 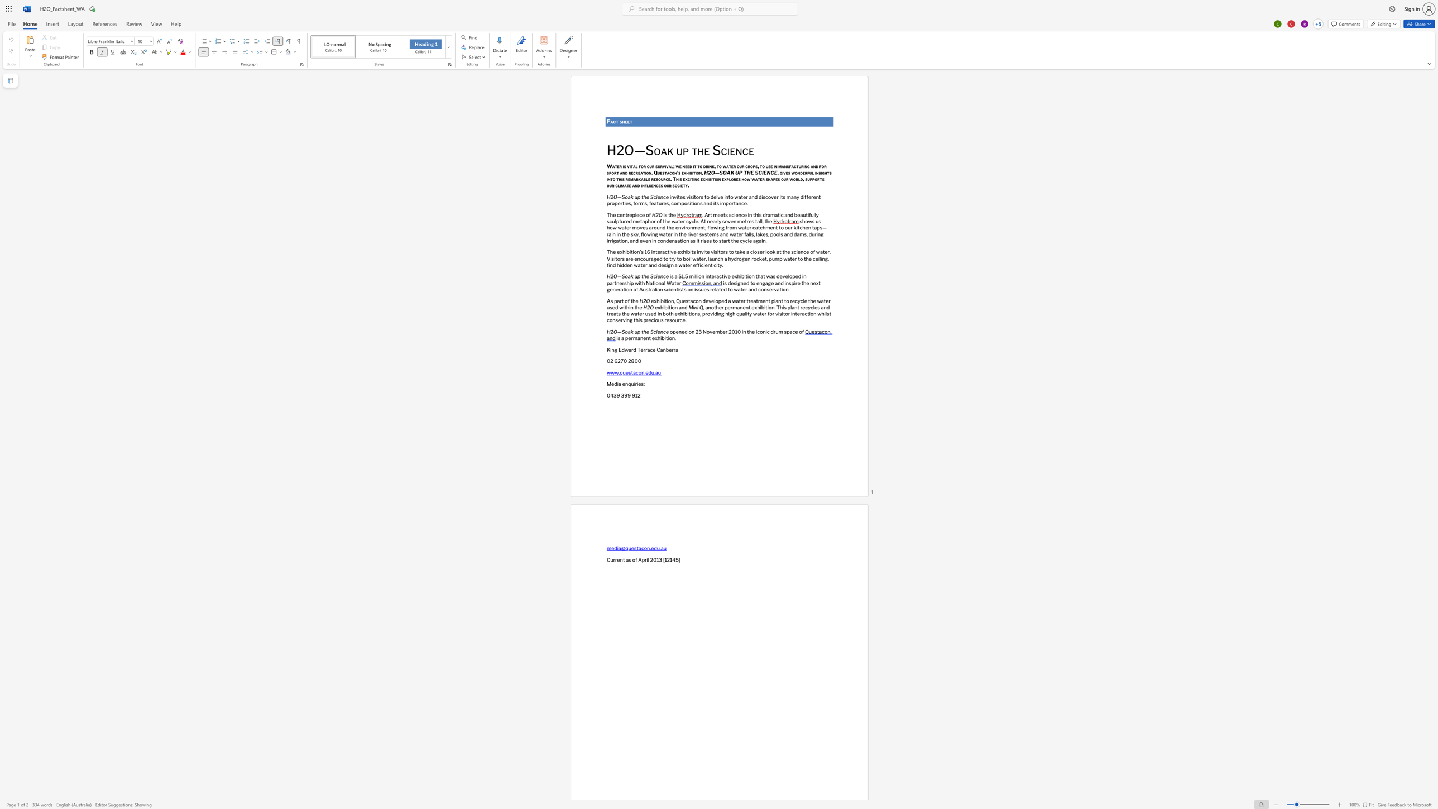 I want to click on the 1th character "n" in the text, so click(x=624, y=214).